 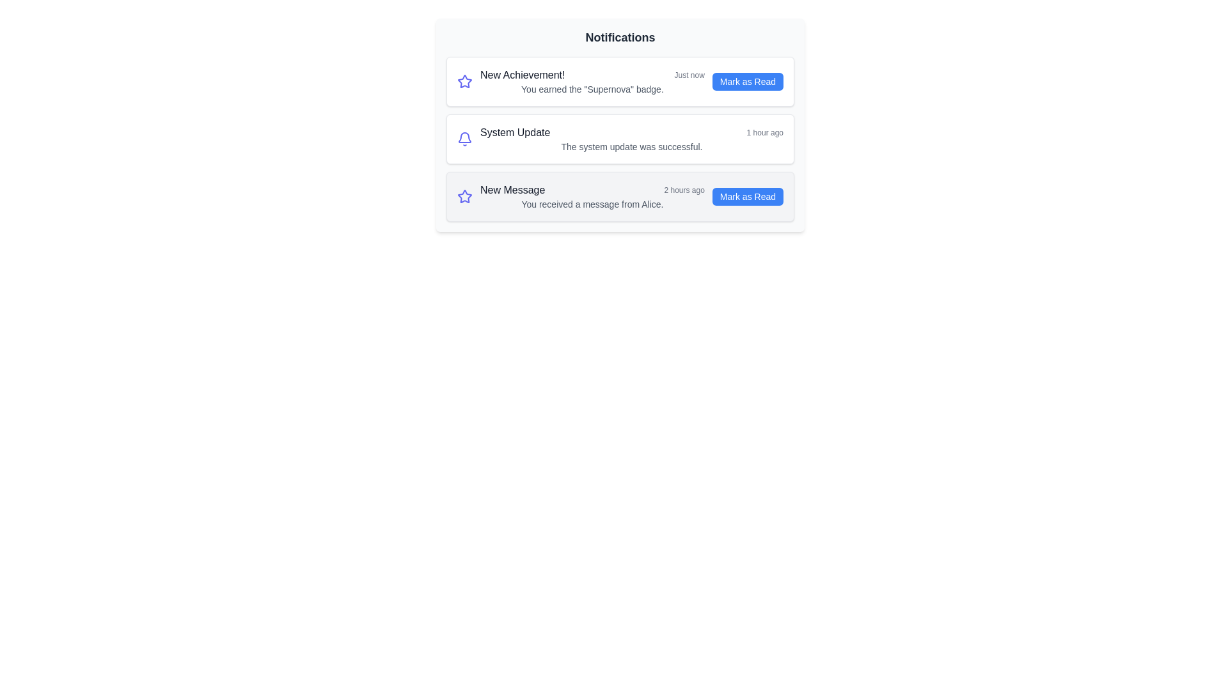 What do you see at coordinates (464, 81) in the screenshot?
I see `the indigo five-pointed star icon used to symbolize favorites or ratings within the 'New Message' notification row` at bounding box center [464, 81].